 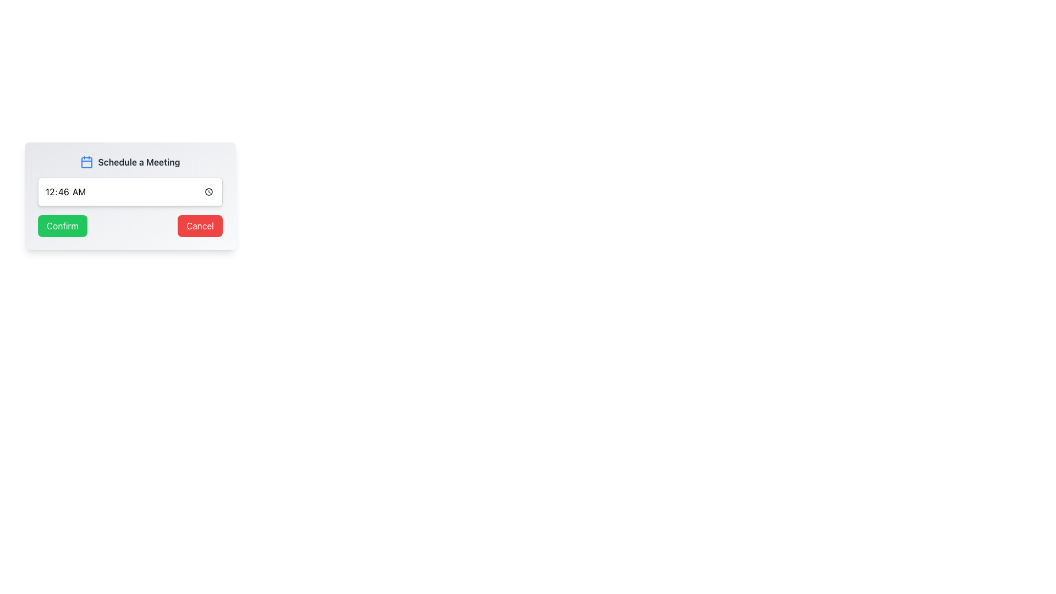 I want to click on the bolded text label reading 'Schedule a Meeting' in dark gray, located to the right of a calendar icon in the upper section of a card layout, so click(x=139, y=162).